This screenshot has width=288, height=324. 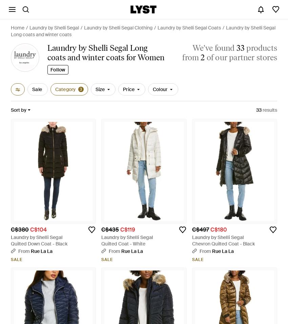 I want to click on 'Price', so click(x=123, y=89).